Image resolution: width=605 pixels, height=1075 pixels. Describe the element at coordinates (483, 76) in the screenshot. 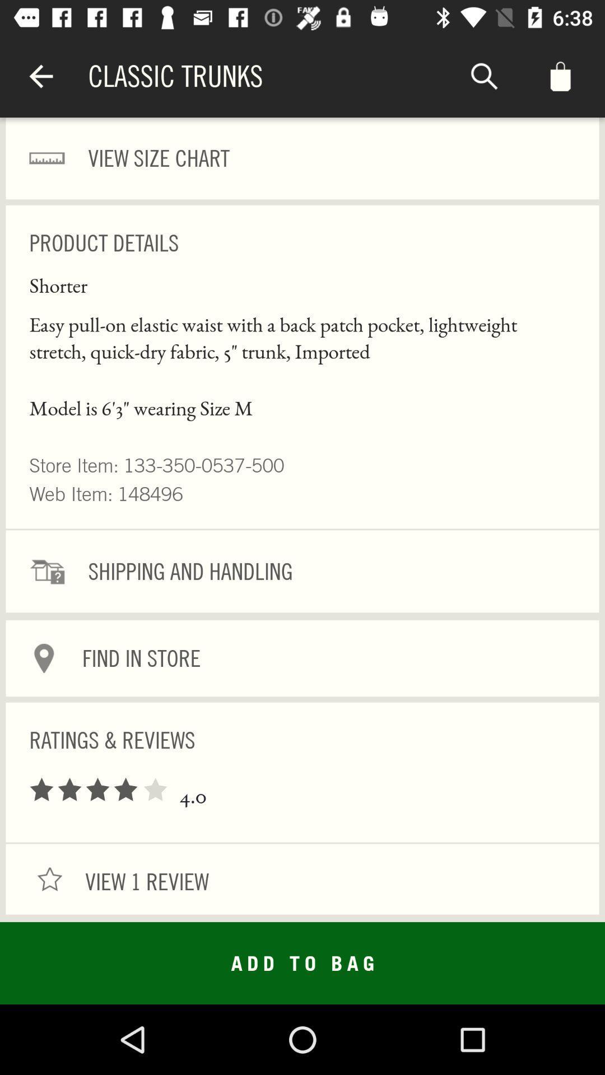

I see `the item above view size chart icon` at that location.